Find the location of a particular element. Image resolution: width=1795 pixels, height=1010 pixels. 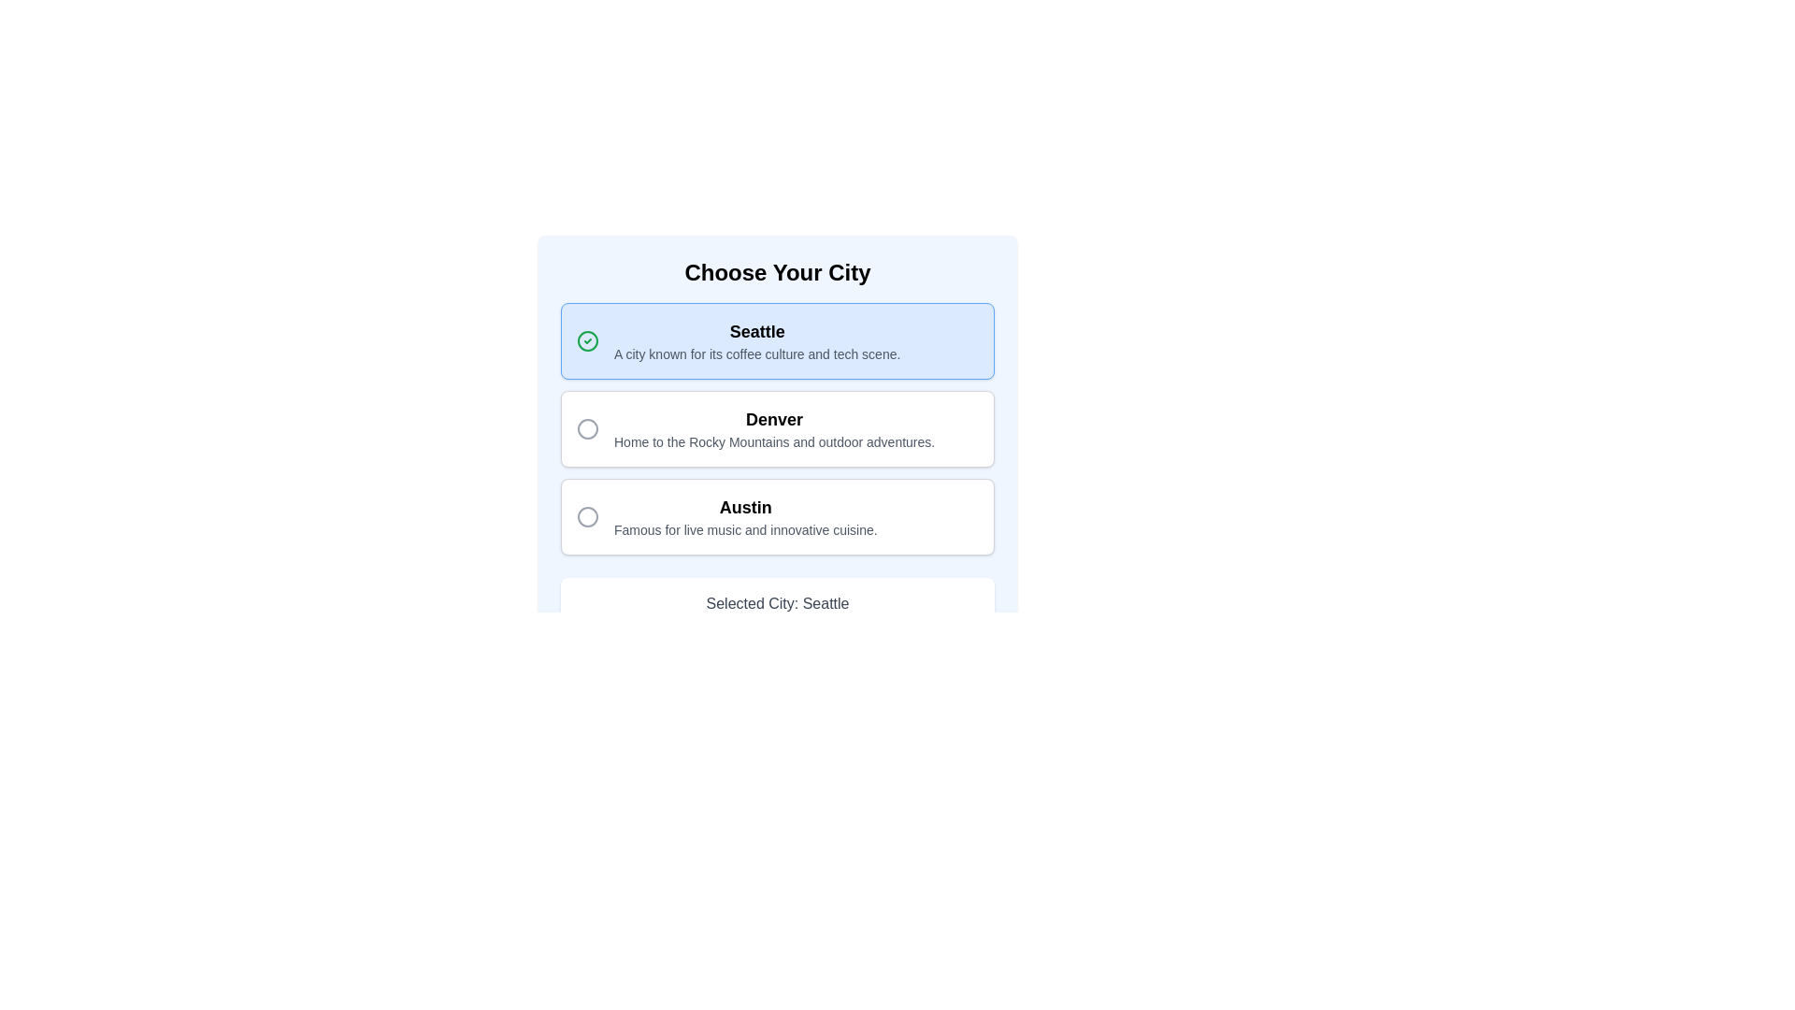

the text element providing additional details about Seattle, located directly below the 'Seattle' text within the selection card structure is located at coordinates (757, 353).